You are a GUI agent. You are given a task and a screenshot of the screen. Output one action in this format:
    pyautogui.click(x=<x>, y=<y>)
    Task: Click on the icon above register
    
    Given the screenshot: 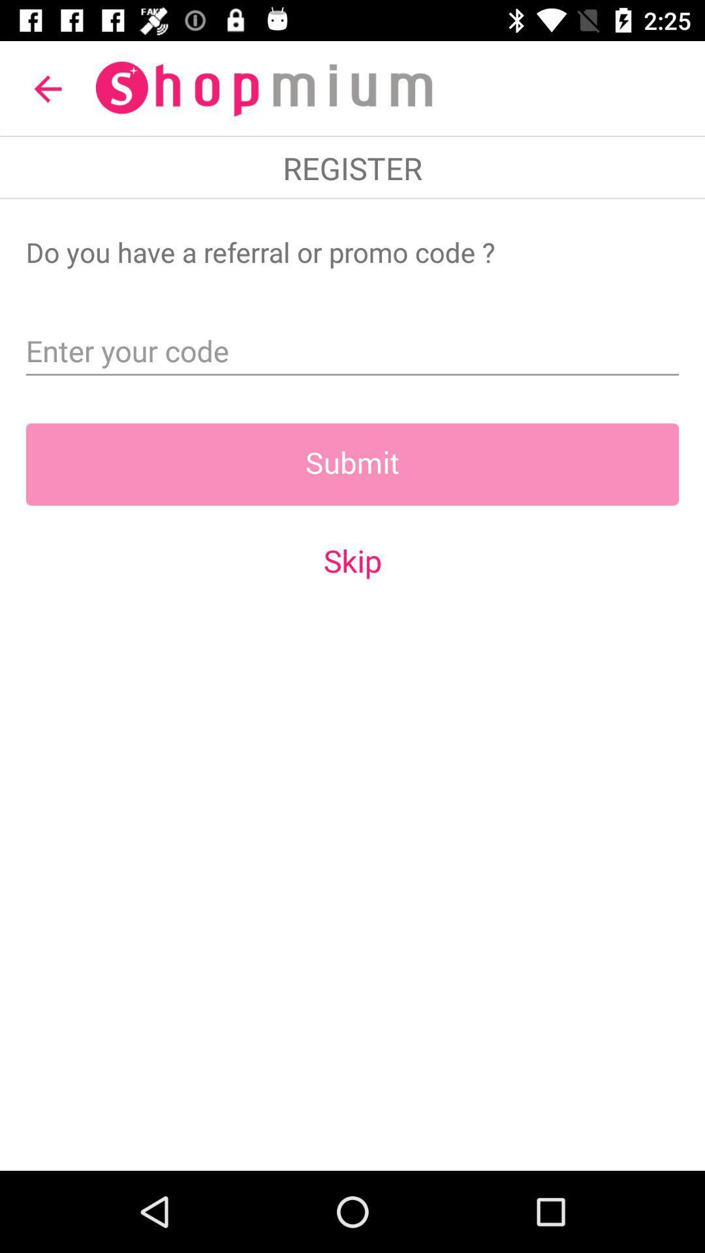 What is the action you would take?
    pyautogui.click(x=47, y=88)
    